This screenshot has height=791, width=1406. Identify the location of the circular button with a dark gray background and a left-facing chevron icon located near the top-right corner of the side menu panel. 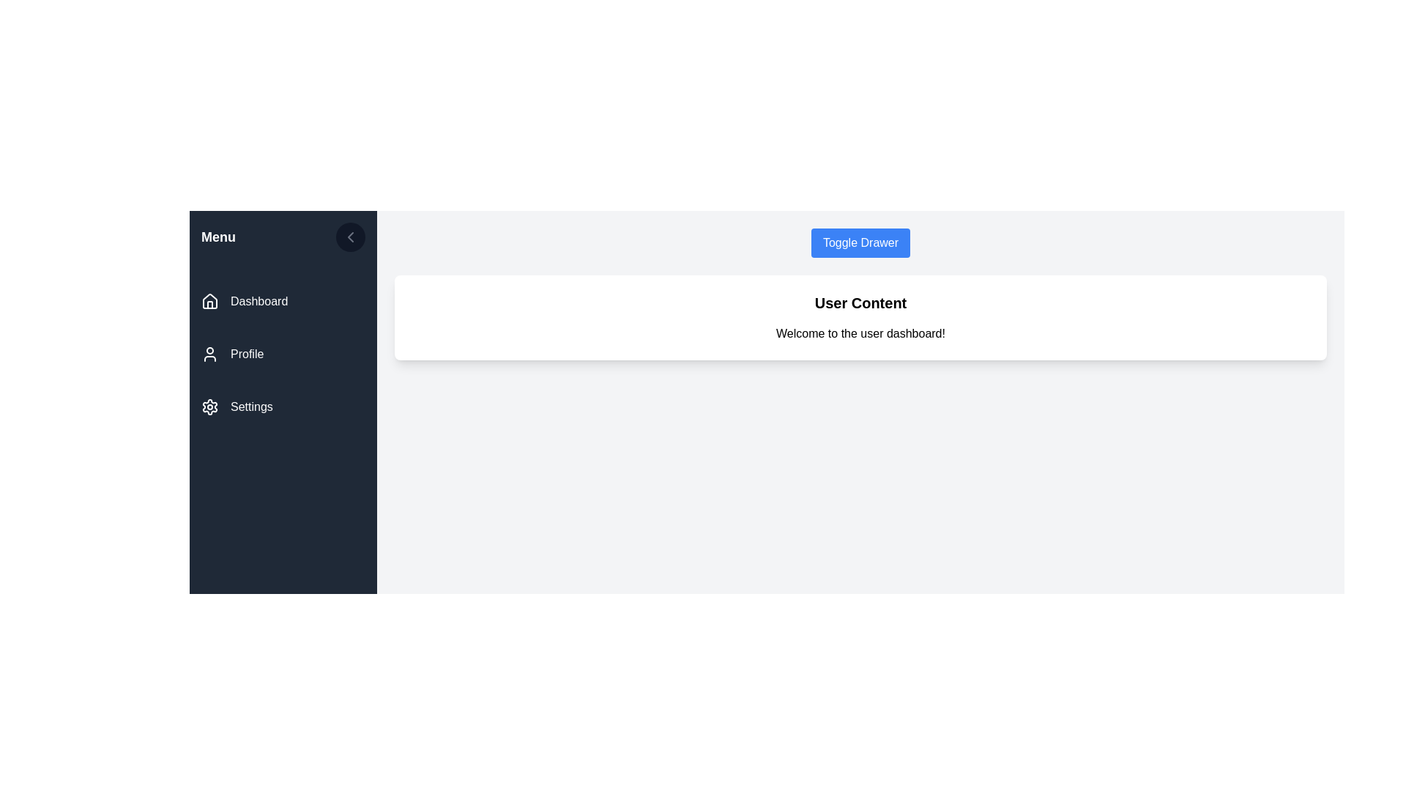
(350, 237).